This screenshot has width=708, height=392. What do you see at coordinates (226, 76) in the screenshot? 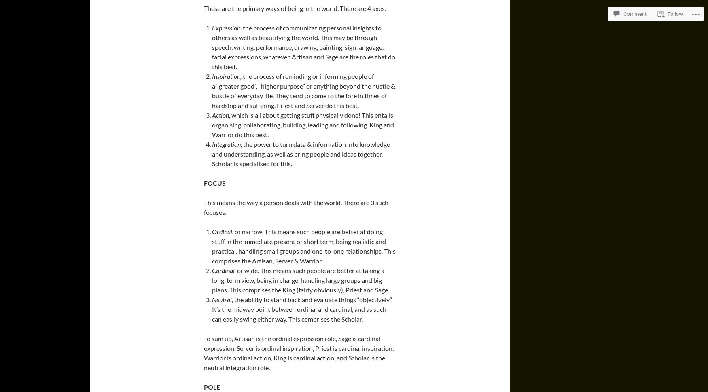
I see `'Inspiration,'` at bounding box center [226, 76].